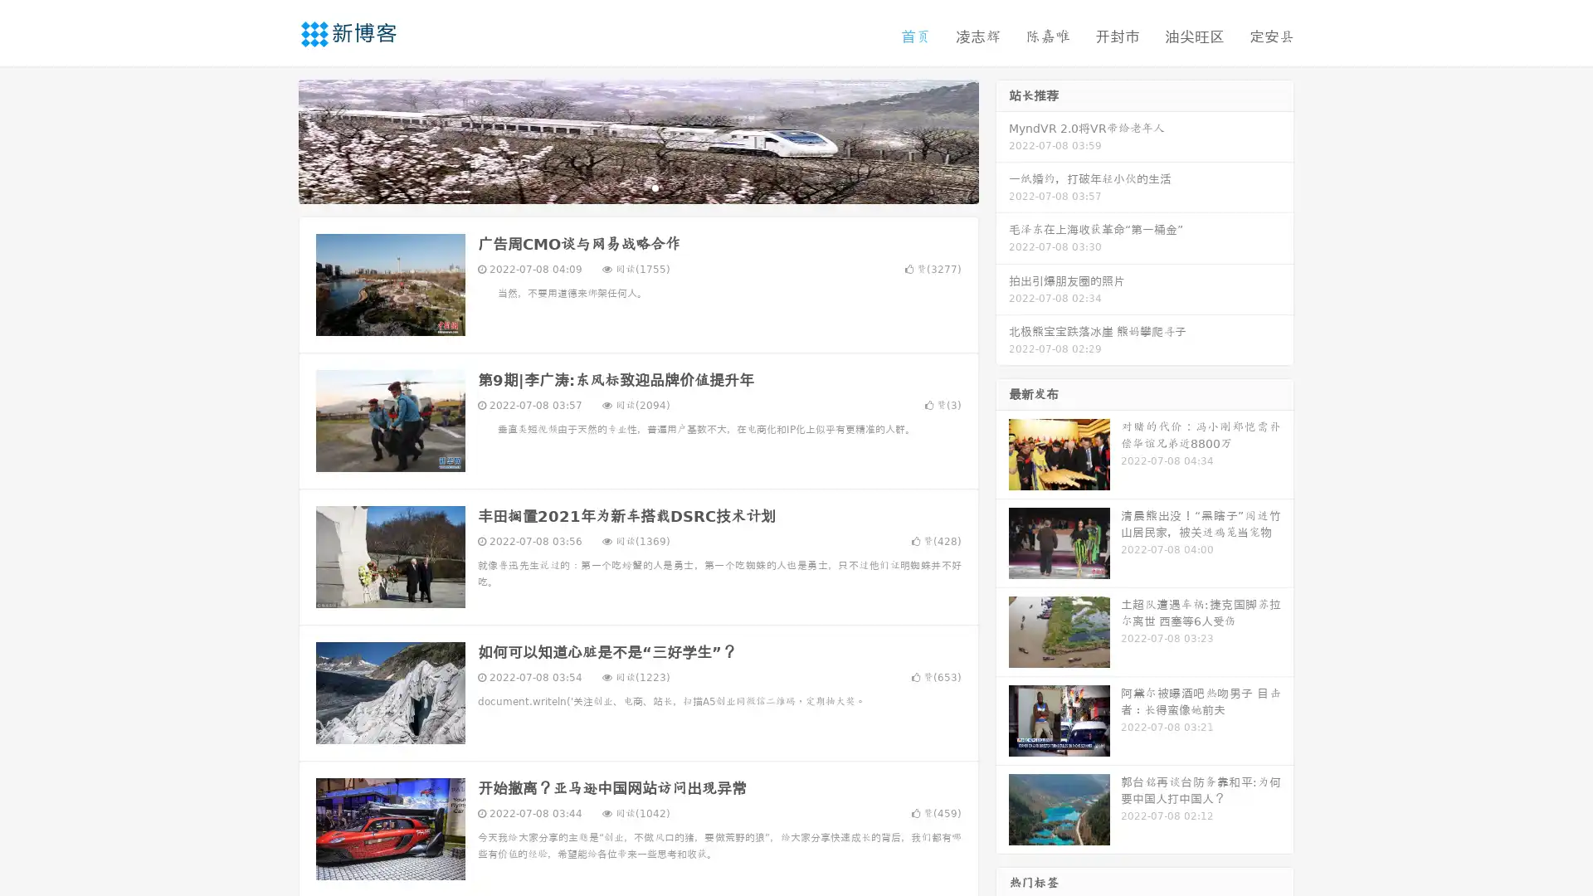 The height and width of the screenshot is (896, 1593). I want to click on Previous slide, so click(274, 139).